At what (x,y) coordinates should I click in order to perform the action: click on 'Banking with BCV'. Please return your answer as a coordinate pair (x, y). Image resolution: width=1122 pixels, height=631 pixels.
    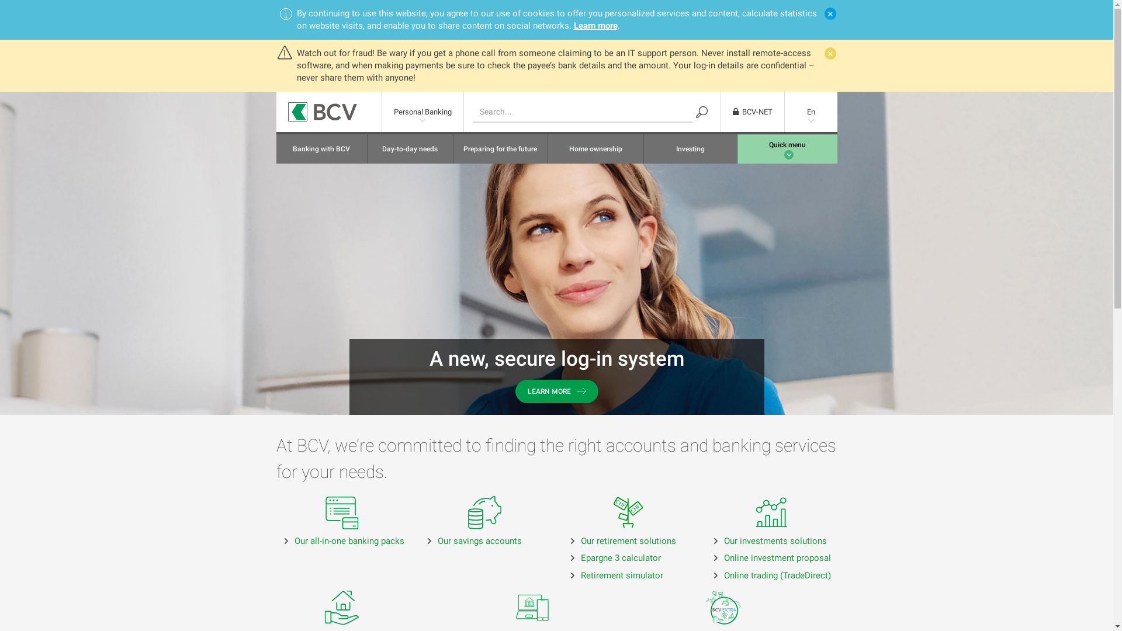
    Looking at the image, I should click on (321, 148).